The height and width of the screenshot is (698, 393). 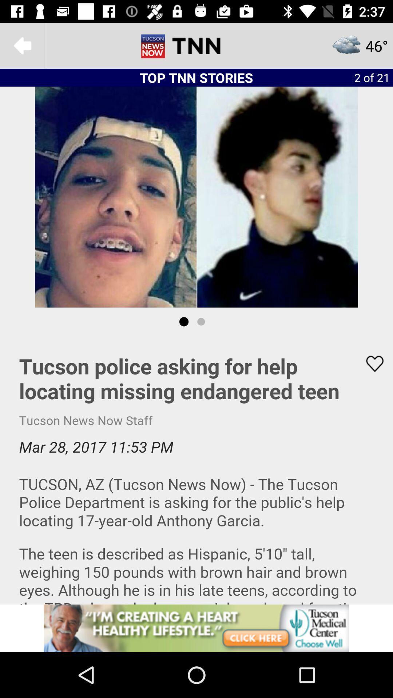 I want to click on open advertisement, so click(x=196, y=628).